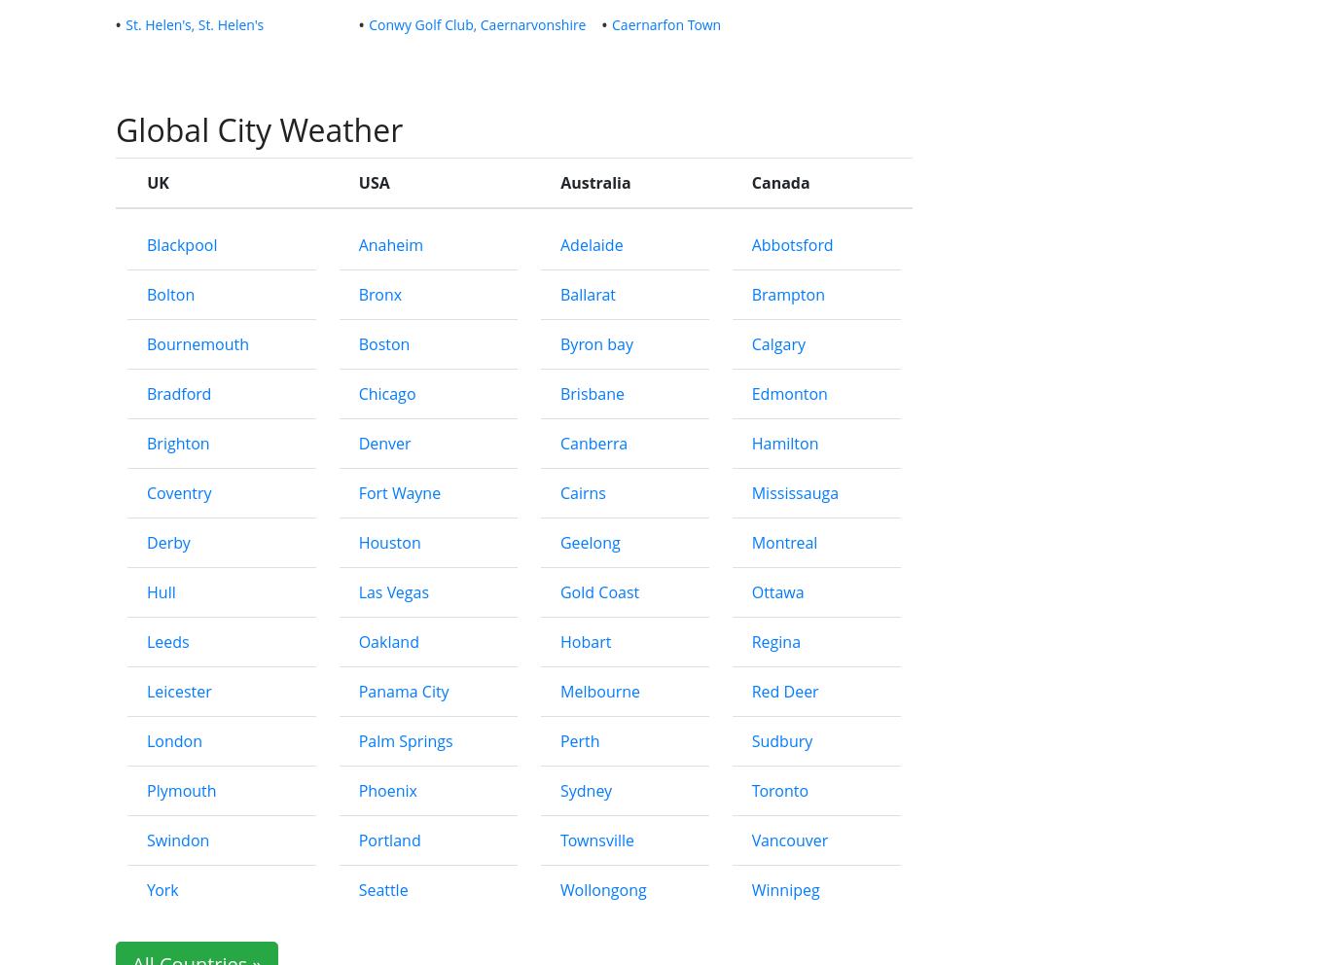 The width and height of the screenshot is (1329, 965). What do you see at coordinates (385, 393) in the screenshot?
I see `'Chicago'` at bounding box center [385, 393].